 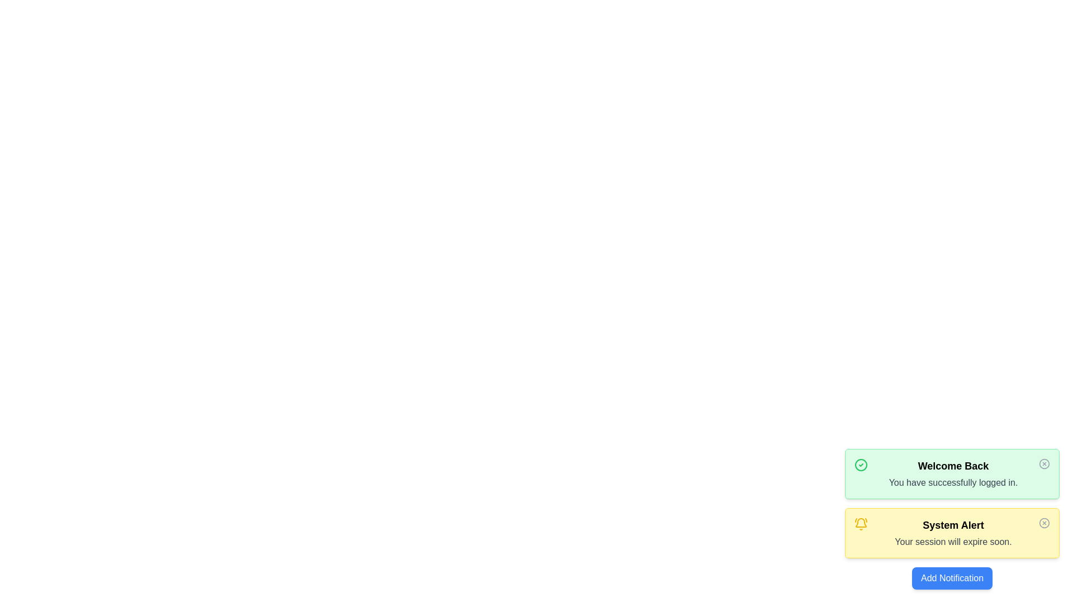 What do you see at coordinates (1043, 463) in the screenshot?
I see `the Close button icon located in the top-right corner of the notification box` at bounding box center [1043, 463].